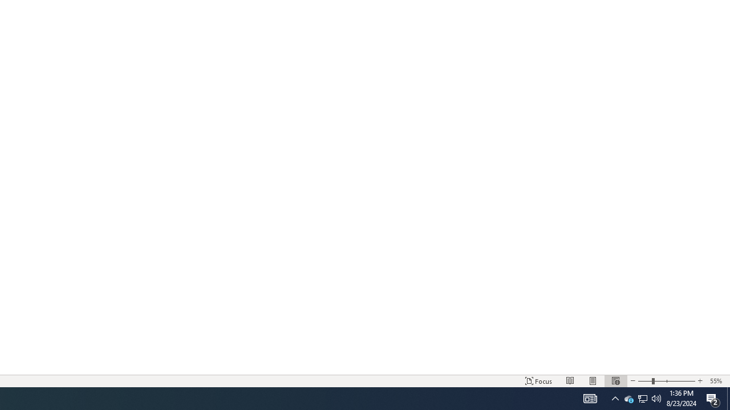 Image resolution: width=730 pixels, height=410 pixels. Describe the element at coordinates (666, 381) in the screenshot. I see `'Zoom'` at that location.